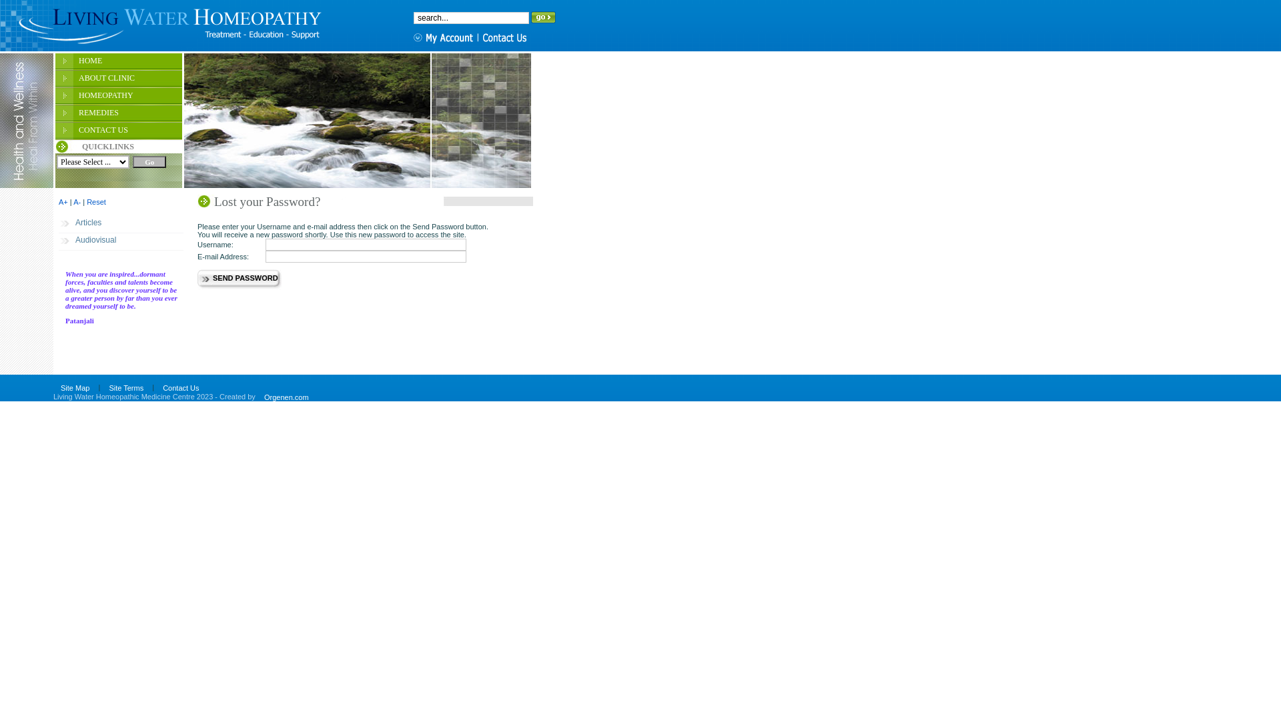 The image size is (1281, 720). Describe the element at coordinates (76, 202) in the screenshot. I see `'A-'` at that location.